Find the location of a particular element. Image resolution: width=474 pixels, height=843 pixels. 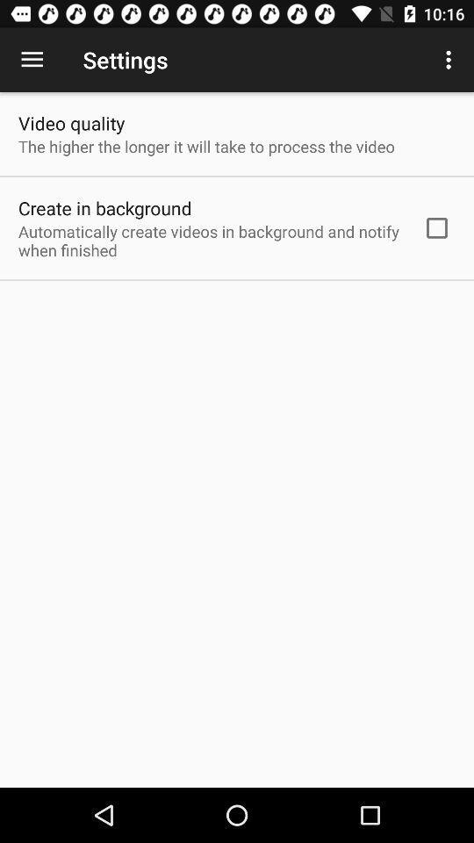

the video quality is located at coordinates (70, 122).